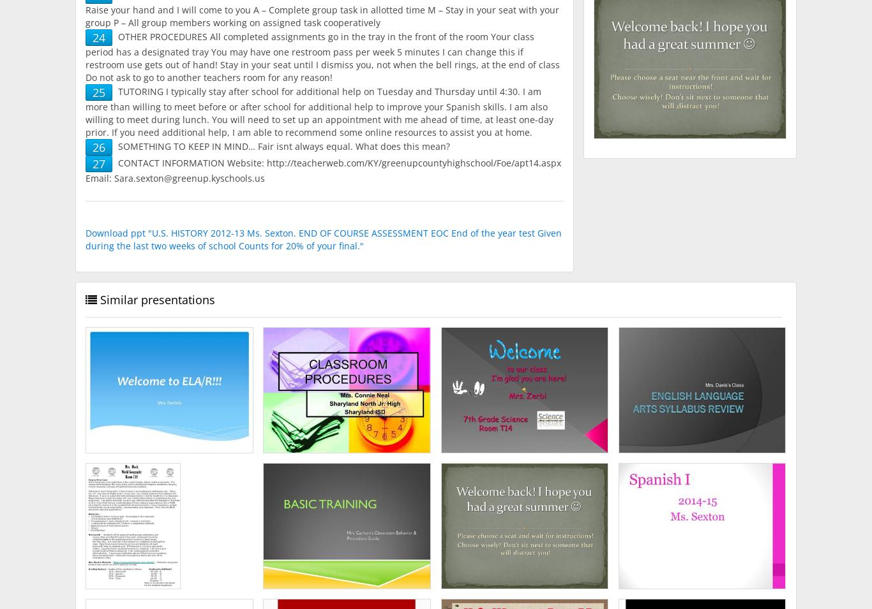  What do you see at coordinates (98, 37) in the screenshot?
I see `'24'` at bounding box center [98, 37].